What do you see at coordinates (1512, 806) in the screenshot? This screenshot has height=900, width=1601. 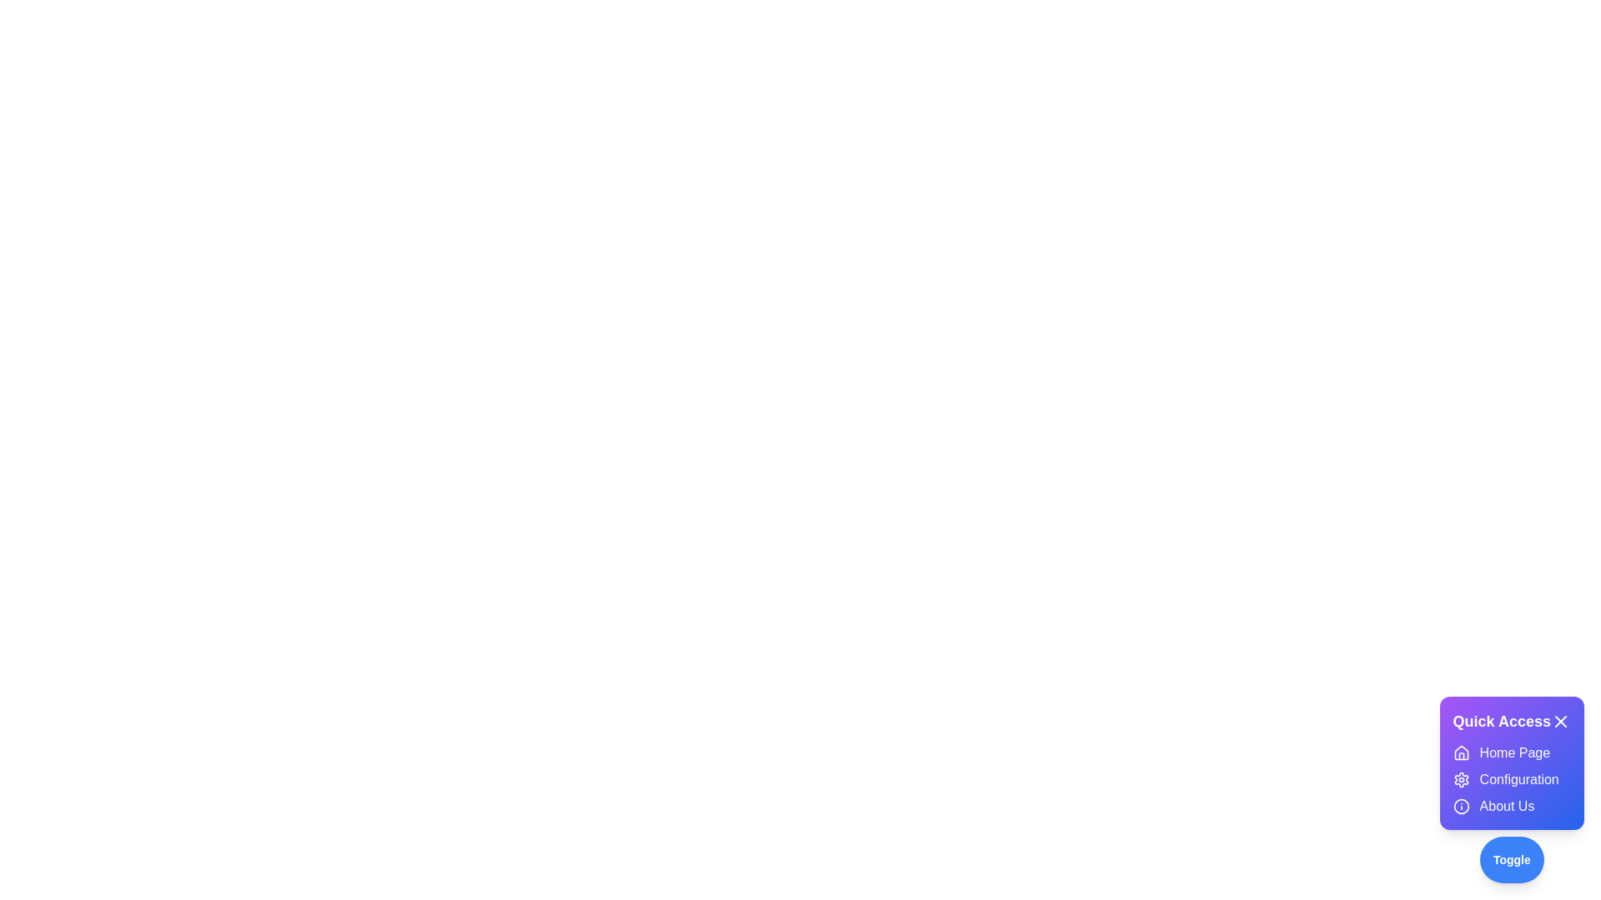 I see `the 'About Us' button located in the bottom-right corner of the interface, which is the third item in the vertical menu list under 'Quick Access.'` at bounding box center [1512, 806].